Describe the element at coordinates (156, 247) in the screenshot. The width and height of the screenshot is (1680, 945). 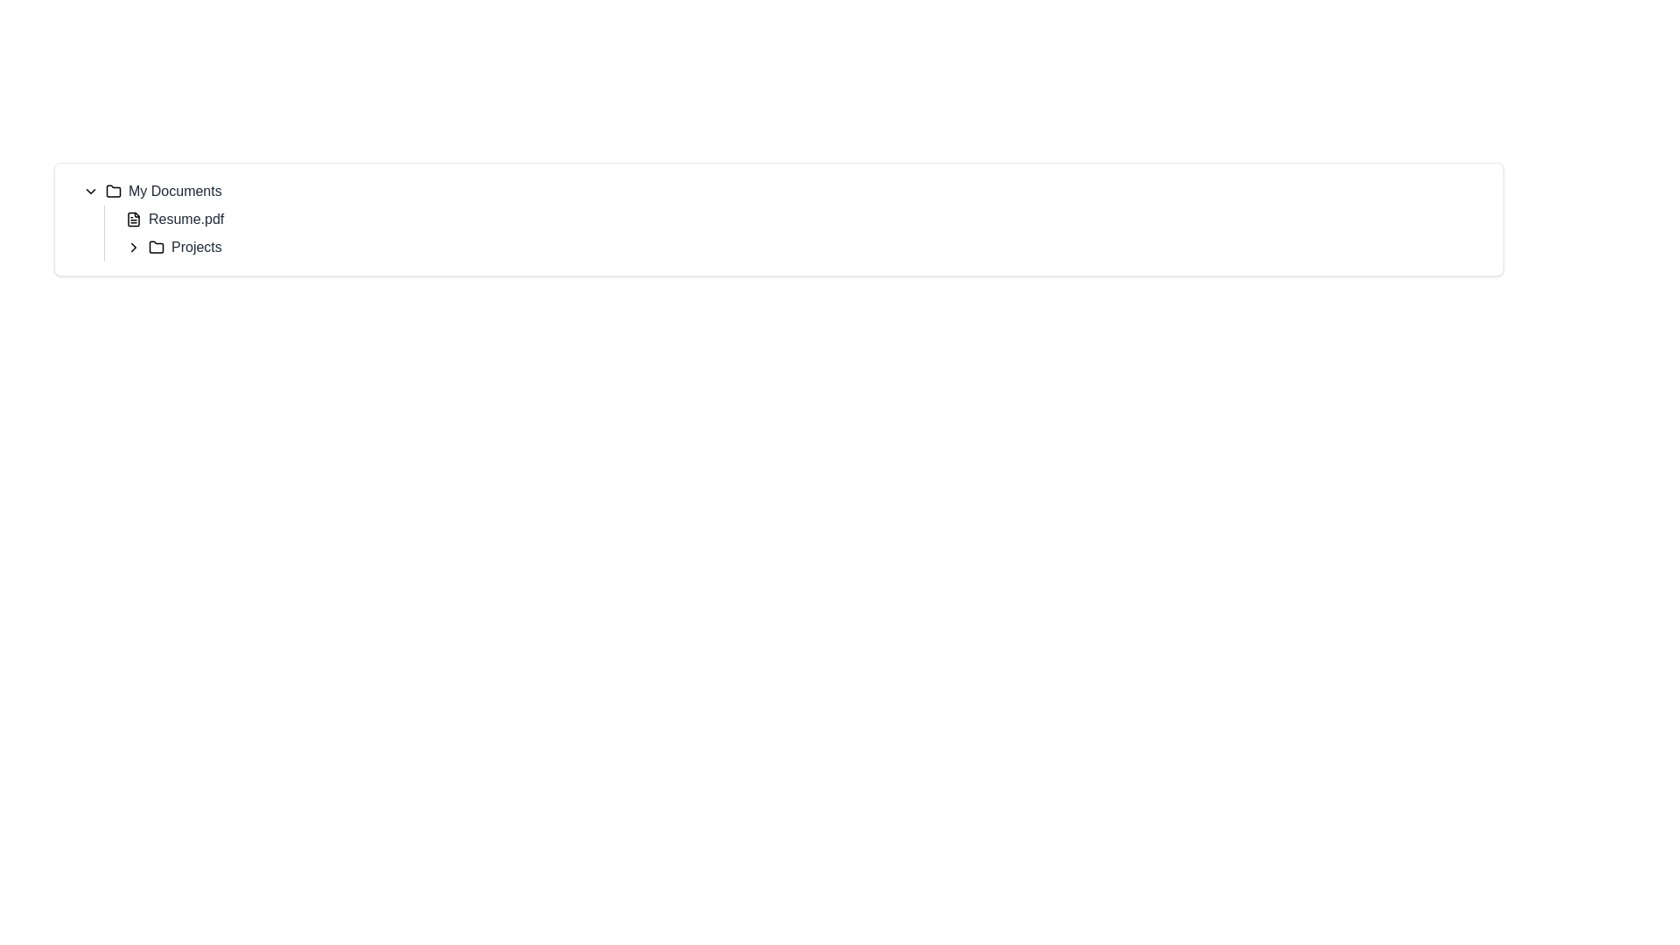
I see `the second visual icon representing a folder associated with the 'Projects' entry, positioned to the left of the text labeled 'Projects' and to the right of a chevron indicator icon` at that location.